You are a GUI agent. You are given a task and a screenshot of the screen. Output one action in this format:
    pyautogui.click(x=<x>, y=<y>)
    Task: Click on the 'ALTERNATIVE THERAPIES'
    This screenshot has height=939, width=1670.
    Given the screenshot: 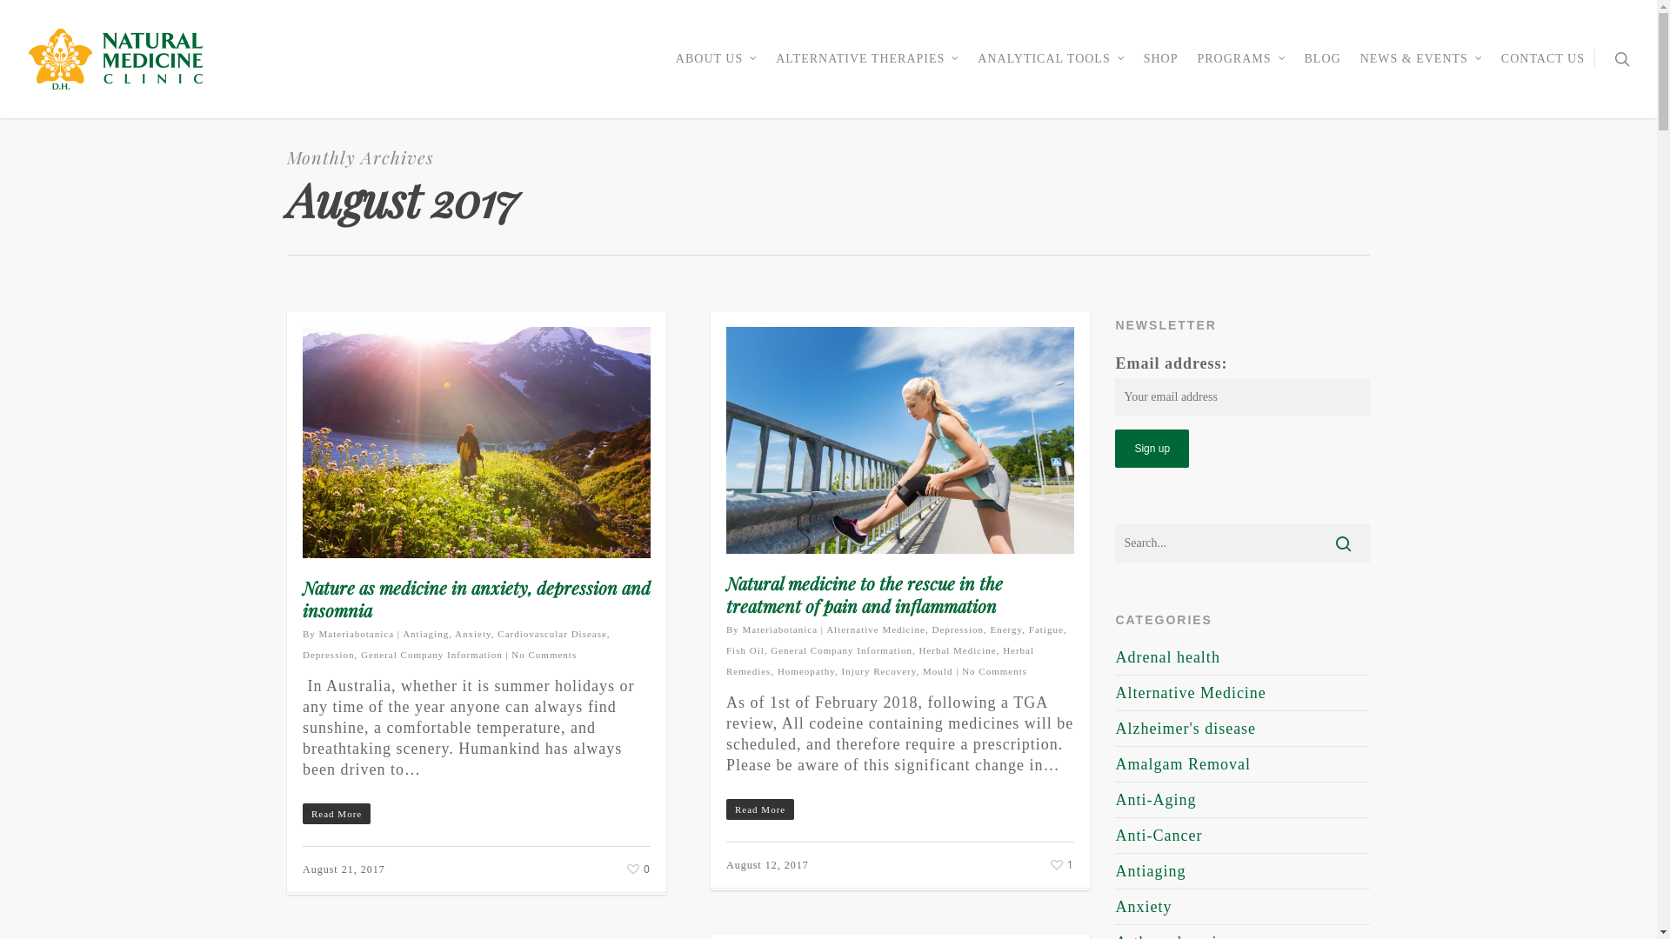 What is the action you would take?
    pyautogui.click(x=867, y=70)
    